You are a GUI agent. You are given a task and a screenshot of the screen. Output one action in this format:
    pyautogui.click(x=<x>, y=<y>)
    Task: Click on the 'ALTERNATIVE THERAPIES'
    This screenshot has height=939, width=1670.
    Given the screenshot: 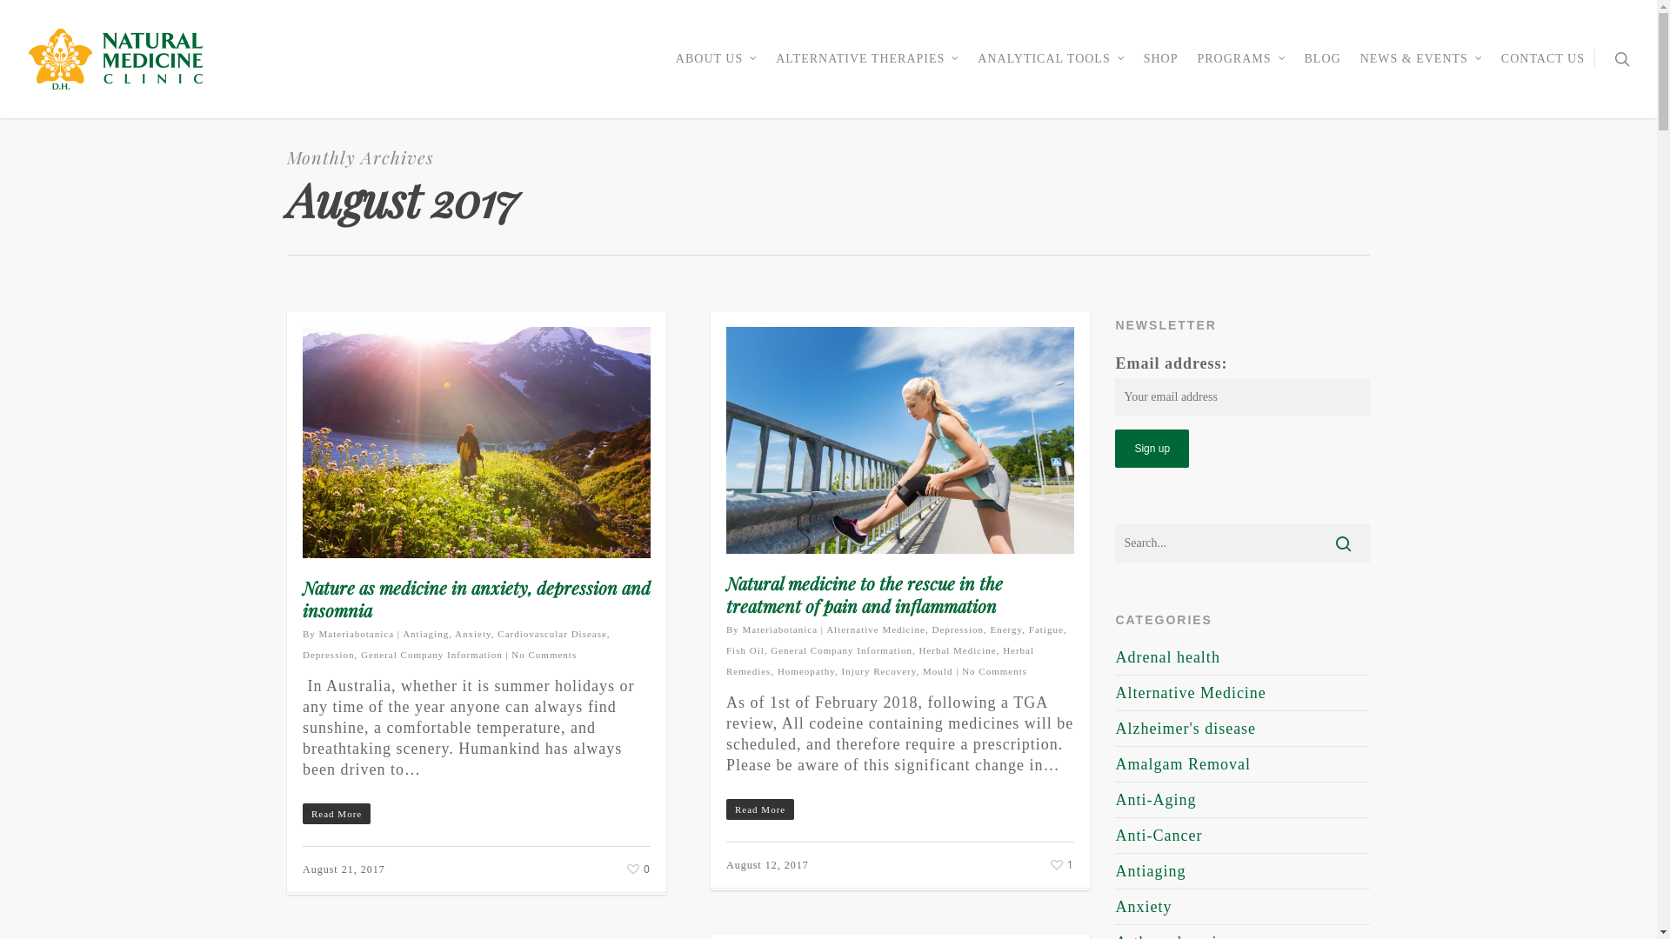 What is the action you would take?
    pyautogui.click(x=867, y=70)
    